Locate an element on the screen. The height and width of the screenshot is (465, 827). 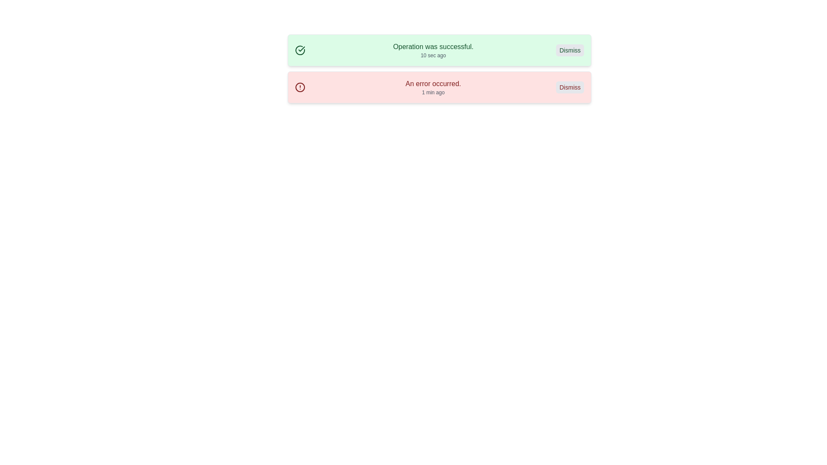
the action button on the right side of the green notification row that displays the message 'Operation was successful. 10 sec ago' is located at coordinates (570, 50).